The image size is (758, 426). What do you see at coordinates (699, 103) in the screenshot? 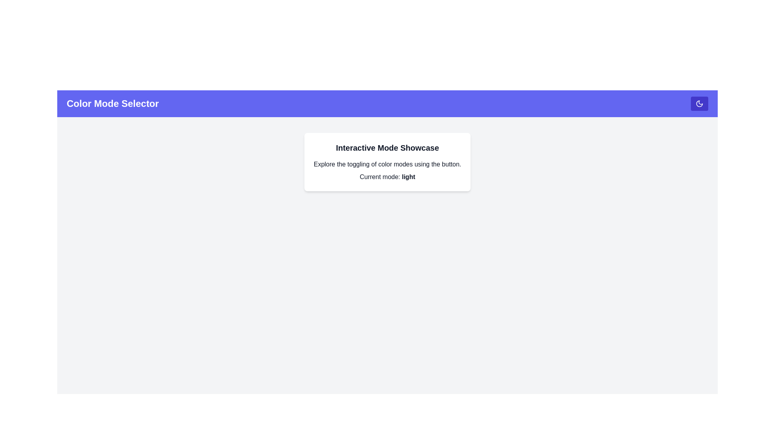
I see `the moon icon located at the top-right corner of the header bar` at bounding box center [699, 103].